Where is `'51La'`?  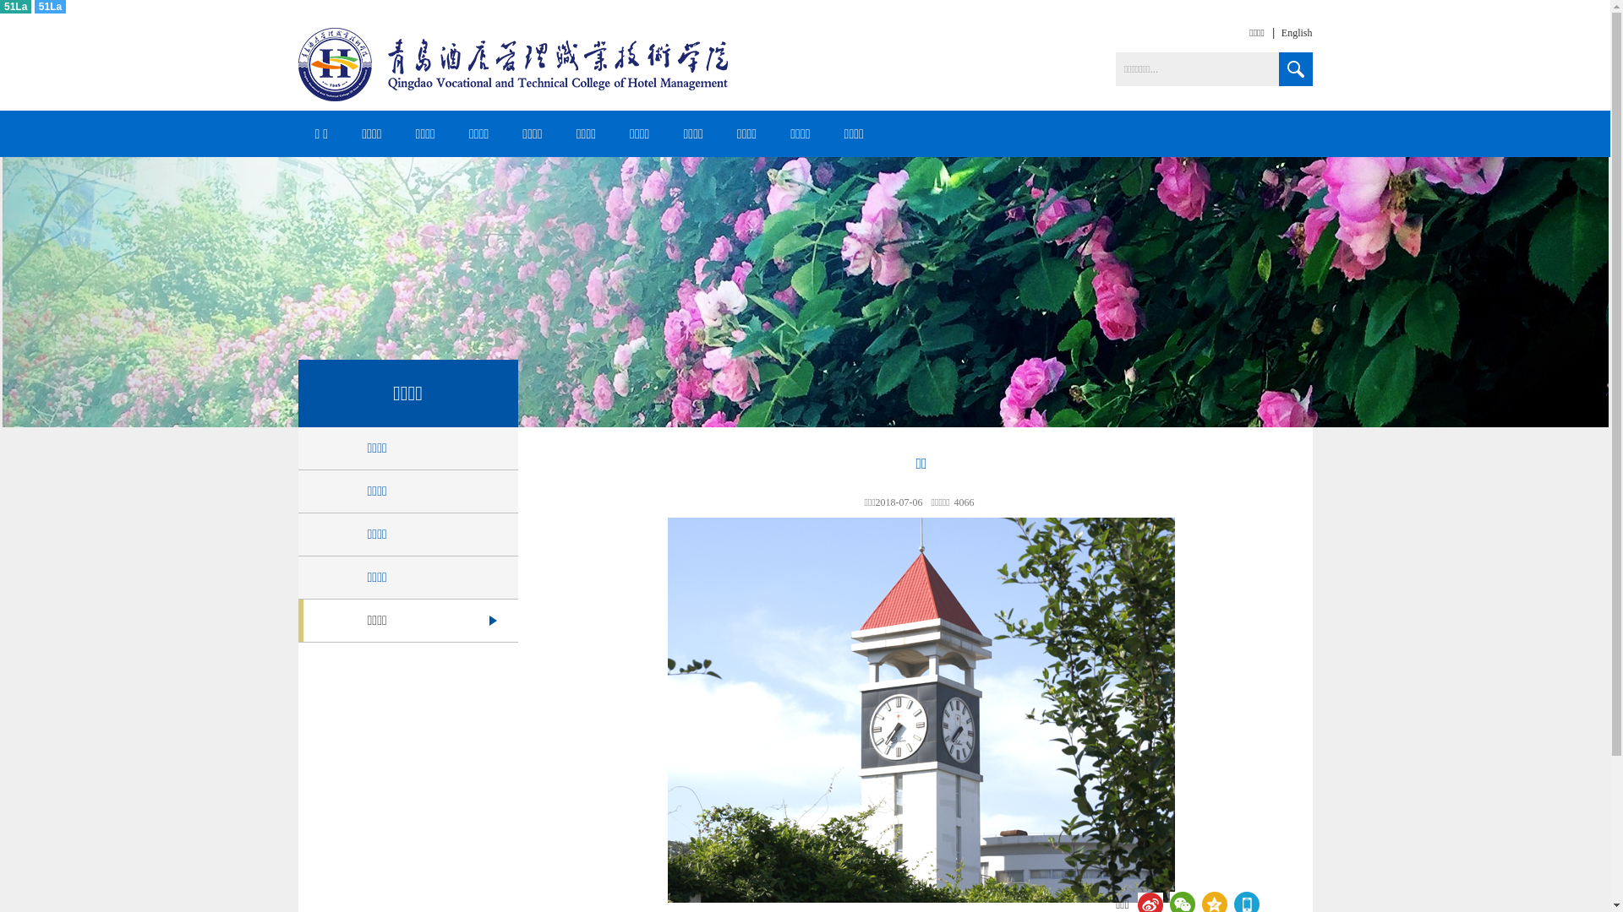 '51La' is located at coordinates (0, 6).